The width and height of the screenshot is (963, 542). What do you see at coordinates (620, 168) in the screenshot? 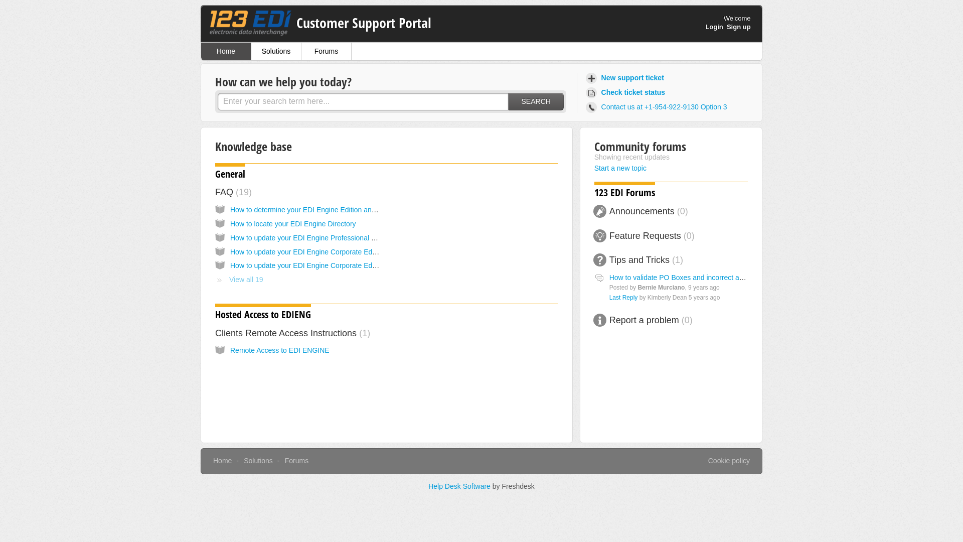
I see `'Start a new topic'` at bounding box center [620, 168].